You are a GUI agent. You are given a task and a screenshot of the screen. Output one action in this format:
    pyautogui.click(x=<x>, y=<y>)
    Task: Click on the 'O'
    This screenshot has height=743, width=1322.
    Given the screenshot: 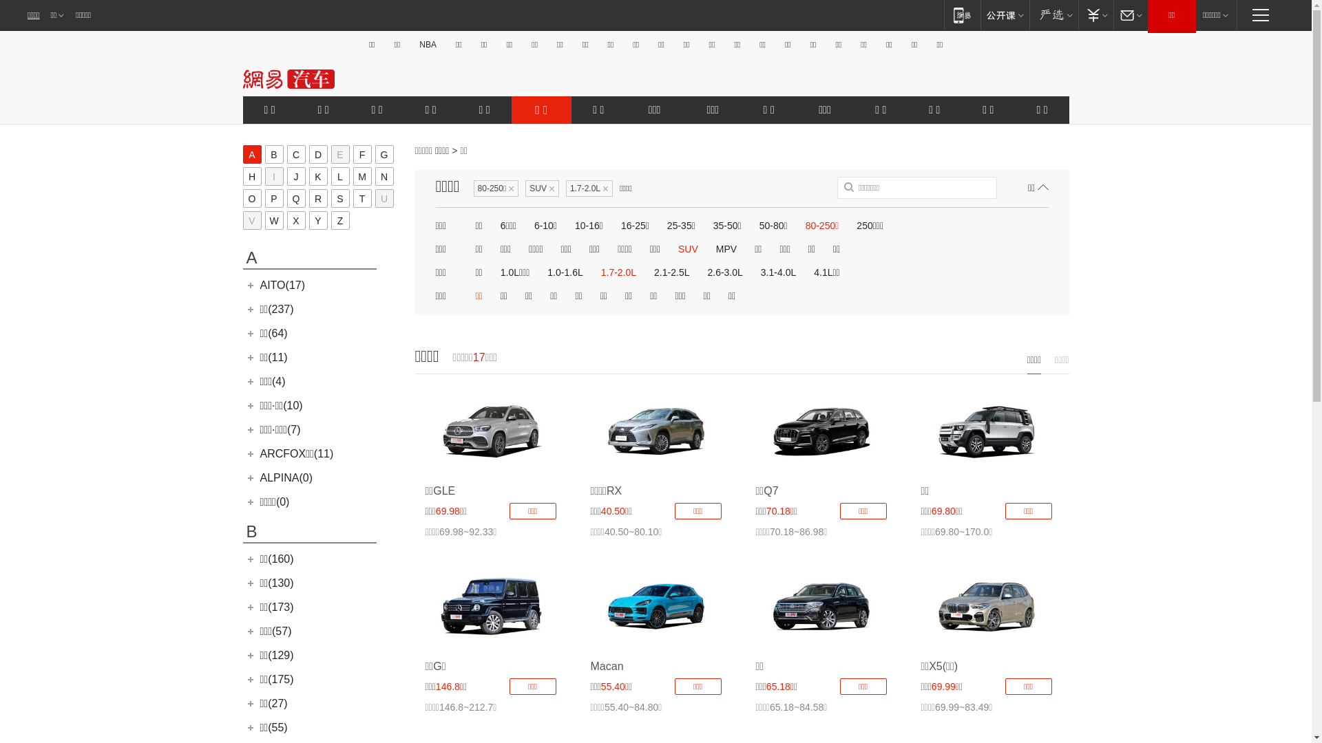 What is the action you would take?
    pyautogui.click(x=251, y=198)
    